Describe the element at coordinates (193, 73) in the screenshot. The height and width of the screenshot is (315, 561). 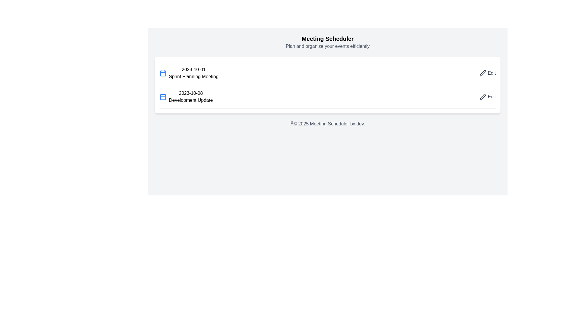
I see `text of the first meeting entry label that conveys the date and title of the meeting, which is positioned in the top-left corner of the meeting details card` at that location.